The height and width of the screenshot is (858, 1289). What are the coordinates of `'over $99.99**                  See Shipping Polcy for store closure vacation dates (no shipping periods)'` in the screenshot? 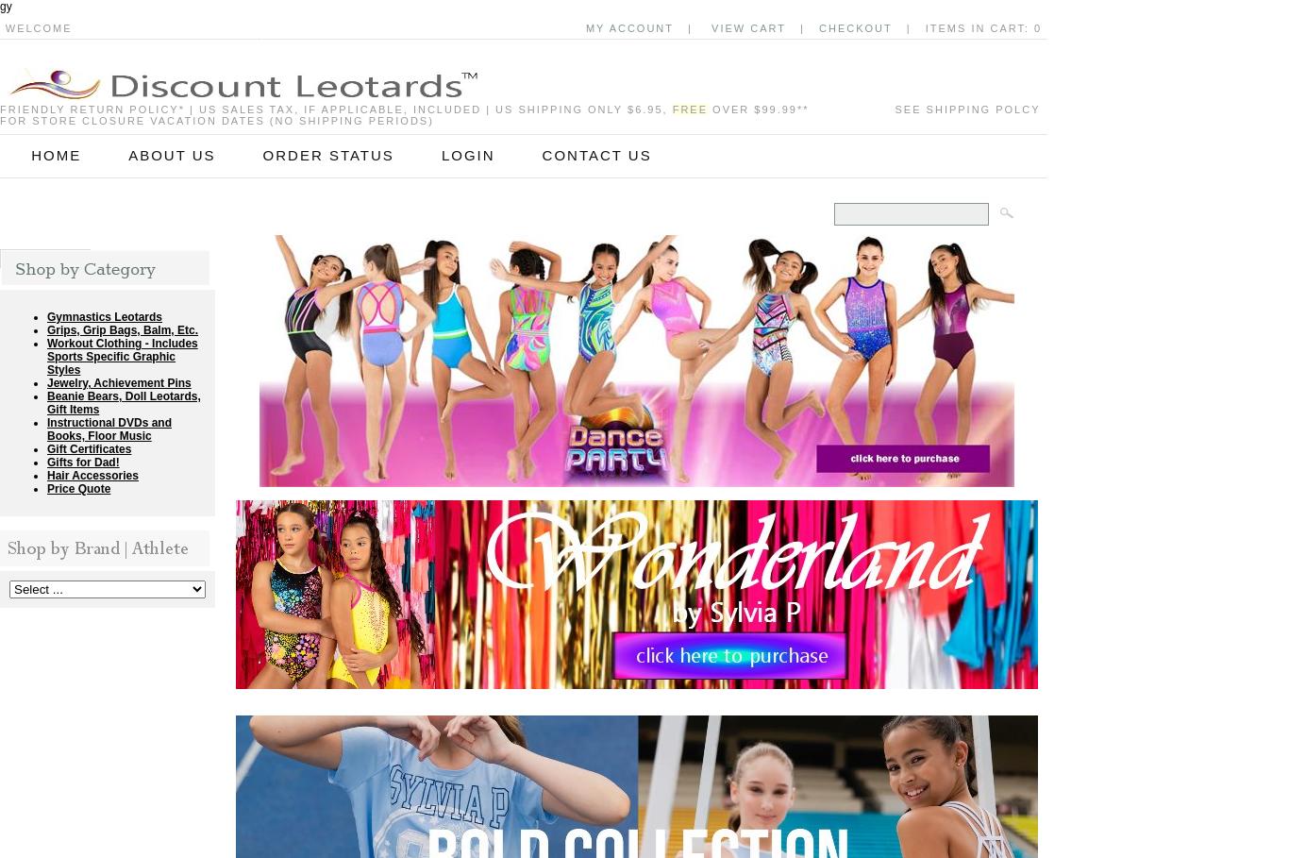 It's located at (520, 114).